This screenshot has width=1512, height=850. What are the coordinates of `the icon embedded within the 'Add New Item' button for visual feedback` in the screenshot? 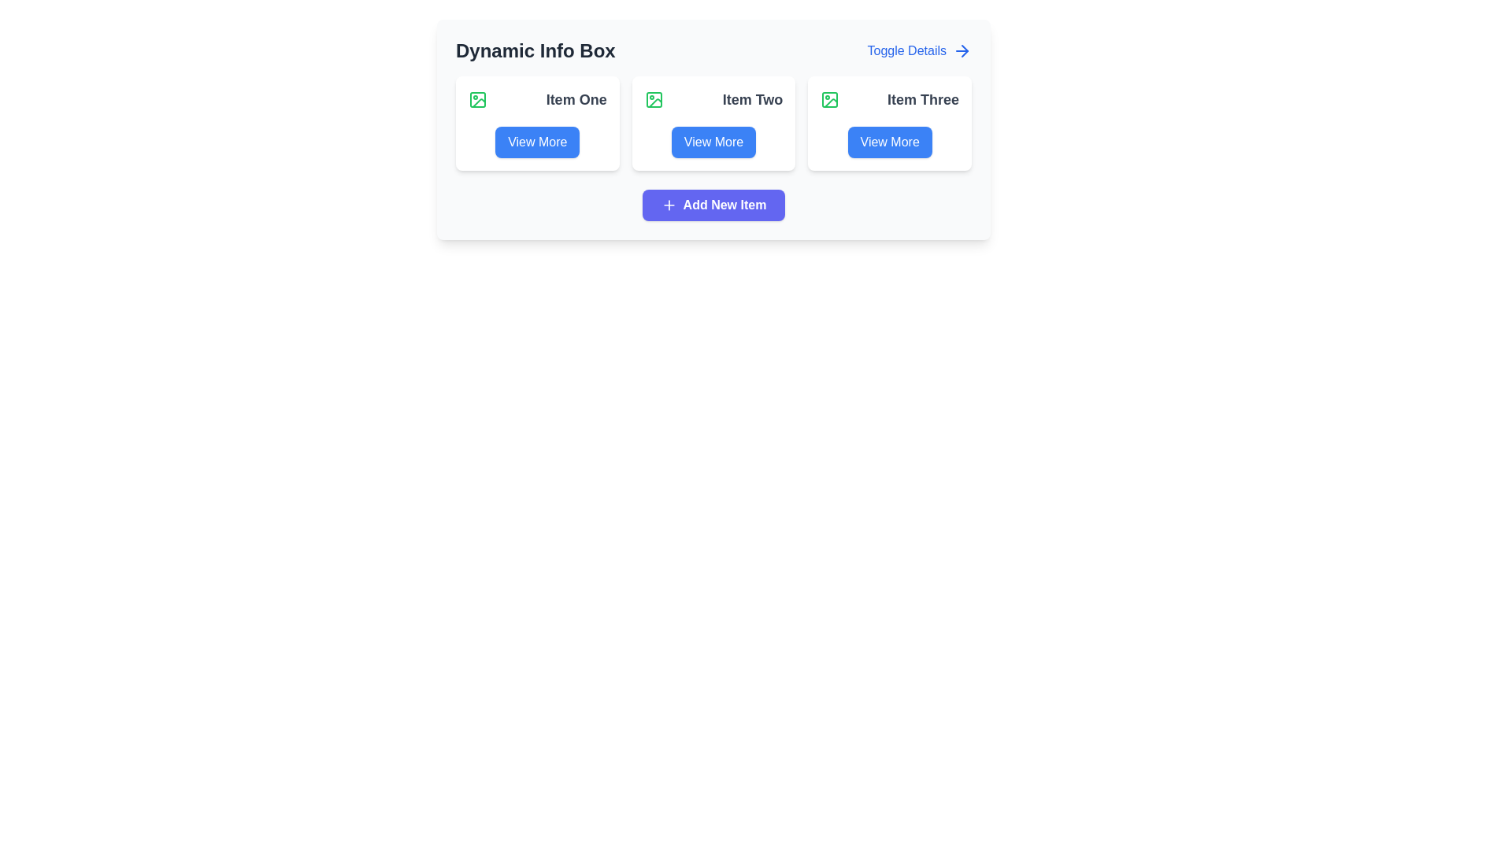 It's located at (669, 205).